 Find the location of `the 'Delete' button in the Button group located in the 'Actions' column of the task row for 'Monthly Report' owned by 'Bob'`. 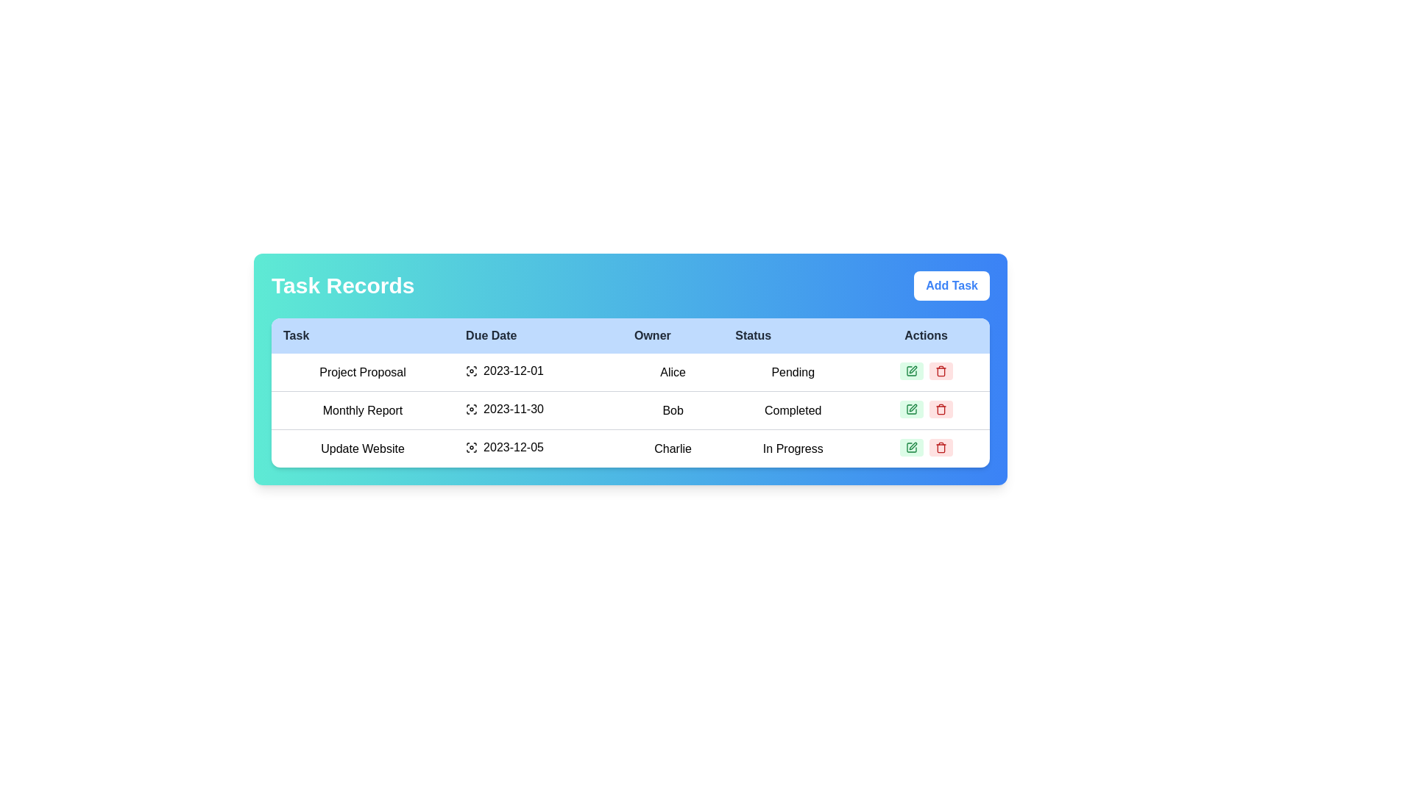

the 'Delete' button in the Button group located in the 'Actions' column of the task row for 'Monthly Report' owned by 'Bob' is located at coordinates (925, 410).